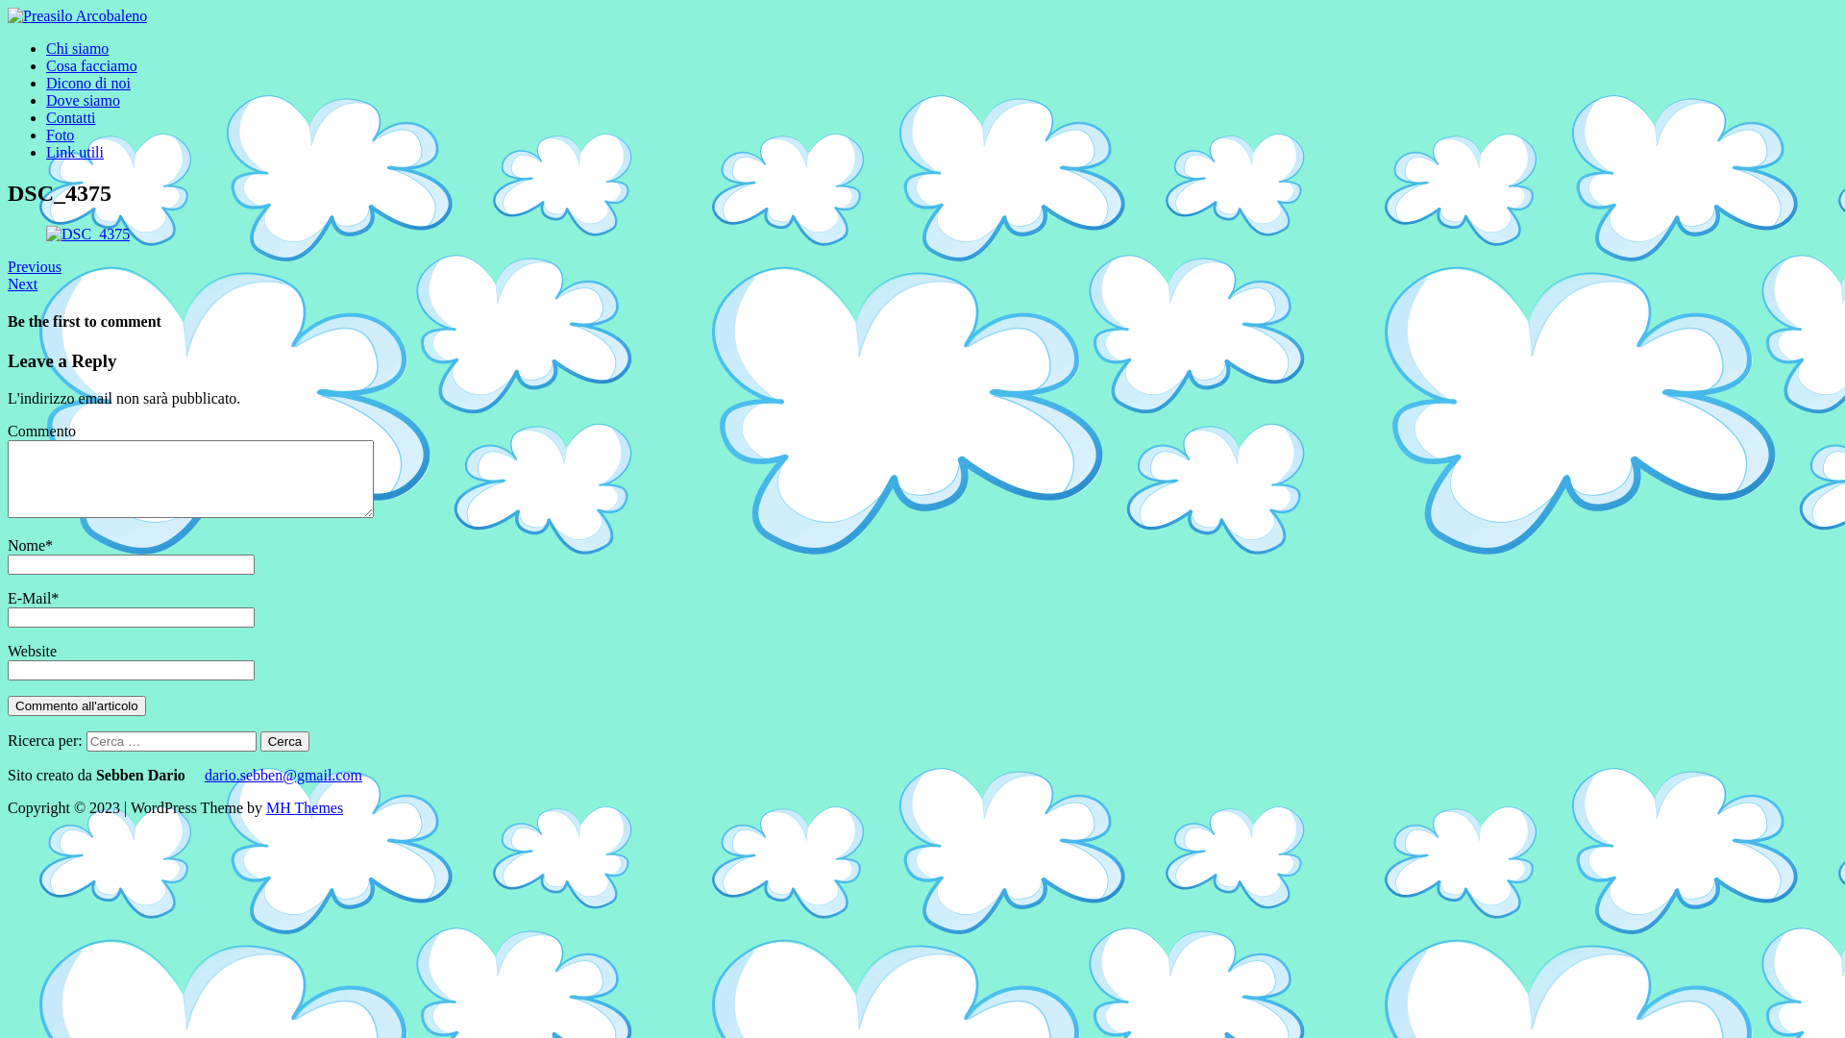 The height and width of the screenshot is (1038, 1845). Describe the element at coordinates (284, 740) in the screenshot. I see `'Cerca'` at that location.